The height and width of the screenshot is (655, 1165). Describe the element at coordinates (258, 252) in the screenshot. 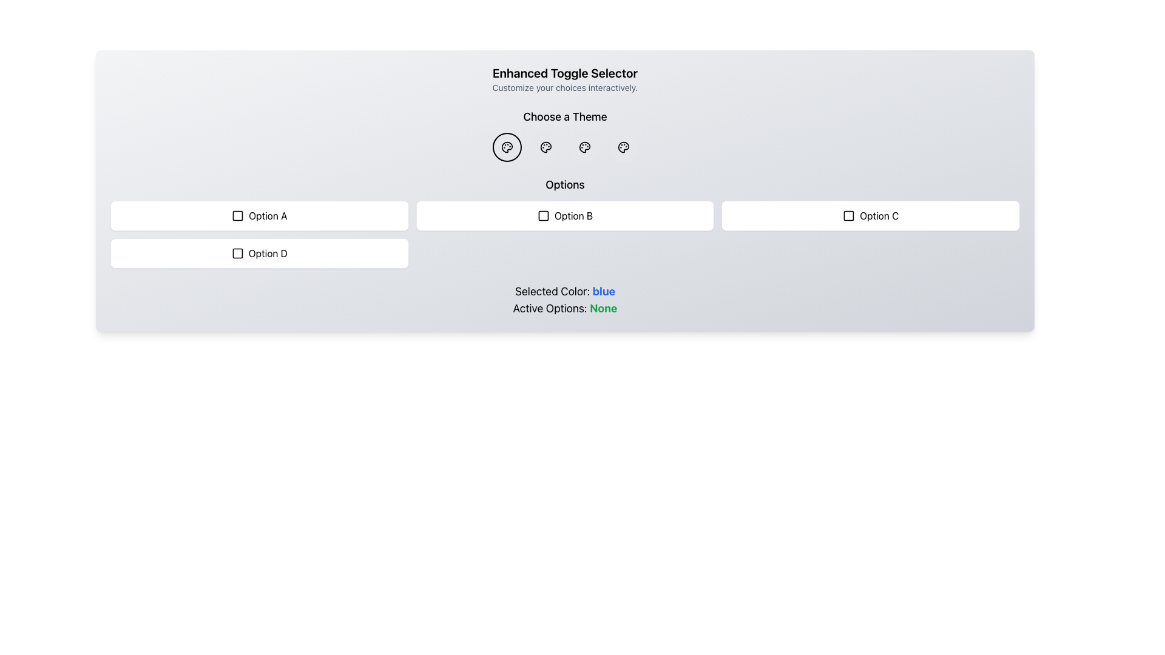

I see `the 'Option D' checkbox element using keyboard navigation` at that location.